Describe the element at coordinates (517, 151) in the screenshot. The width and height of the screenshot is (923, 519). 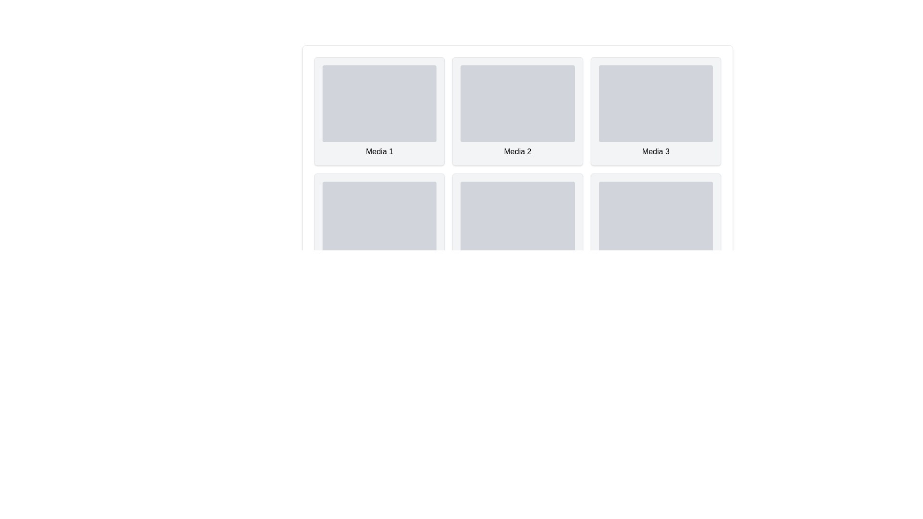
I see `label 'Media 2' which is the text label below the image in the bordered card` at that location.